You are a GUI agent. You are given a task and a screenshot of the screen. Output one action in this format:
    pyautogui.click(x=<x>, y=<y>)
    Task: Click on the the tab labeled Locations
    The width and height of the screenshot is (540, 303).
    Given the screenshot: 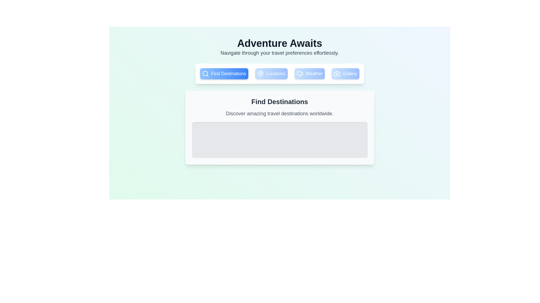 What is the action you would take?
    pyautogui.click(x=271, y=73)
    